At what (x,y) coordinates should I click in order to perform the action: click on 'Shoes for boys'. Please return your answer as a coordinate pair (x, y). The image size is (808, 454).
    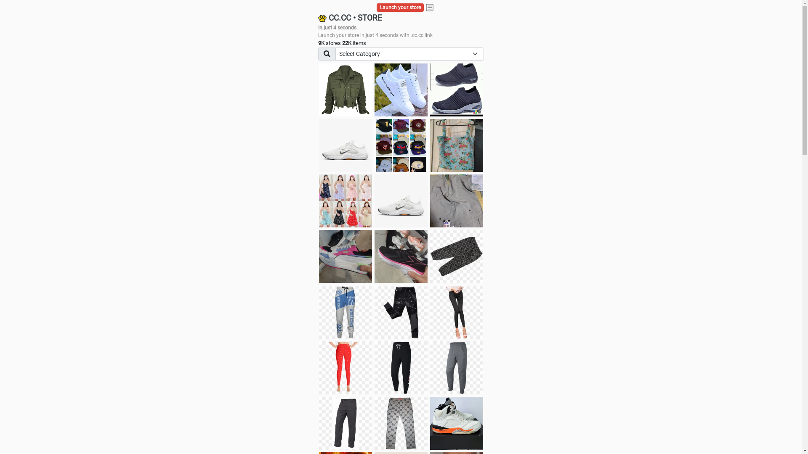
    Looking at the image, I should click on (319, 145).